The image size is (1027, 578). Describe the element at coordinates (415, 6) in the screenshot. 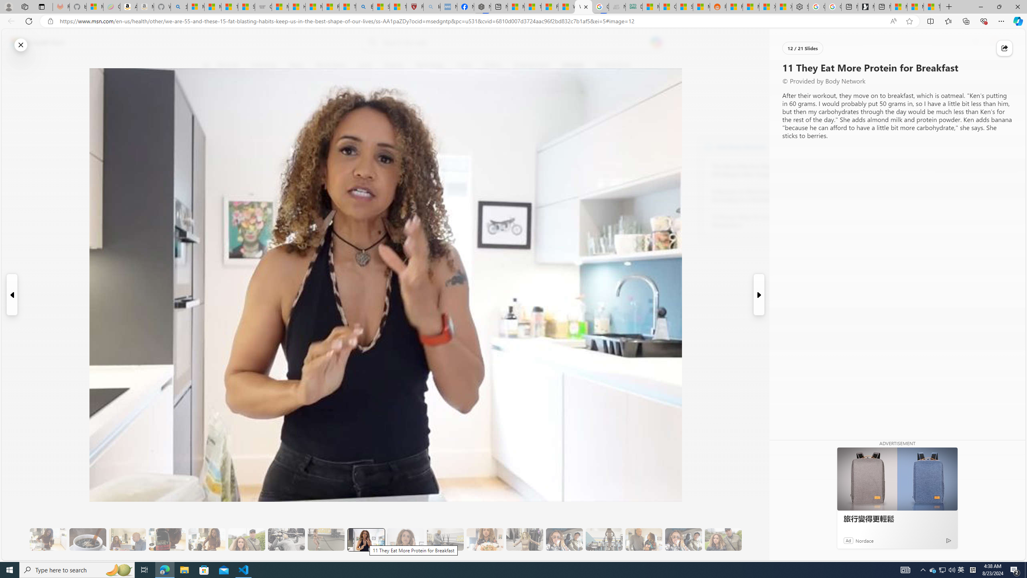

I see `'Robert H. Shmerling, MD - Harvard Health'` at that location.